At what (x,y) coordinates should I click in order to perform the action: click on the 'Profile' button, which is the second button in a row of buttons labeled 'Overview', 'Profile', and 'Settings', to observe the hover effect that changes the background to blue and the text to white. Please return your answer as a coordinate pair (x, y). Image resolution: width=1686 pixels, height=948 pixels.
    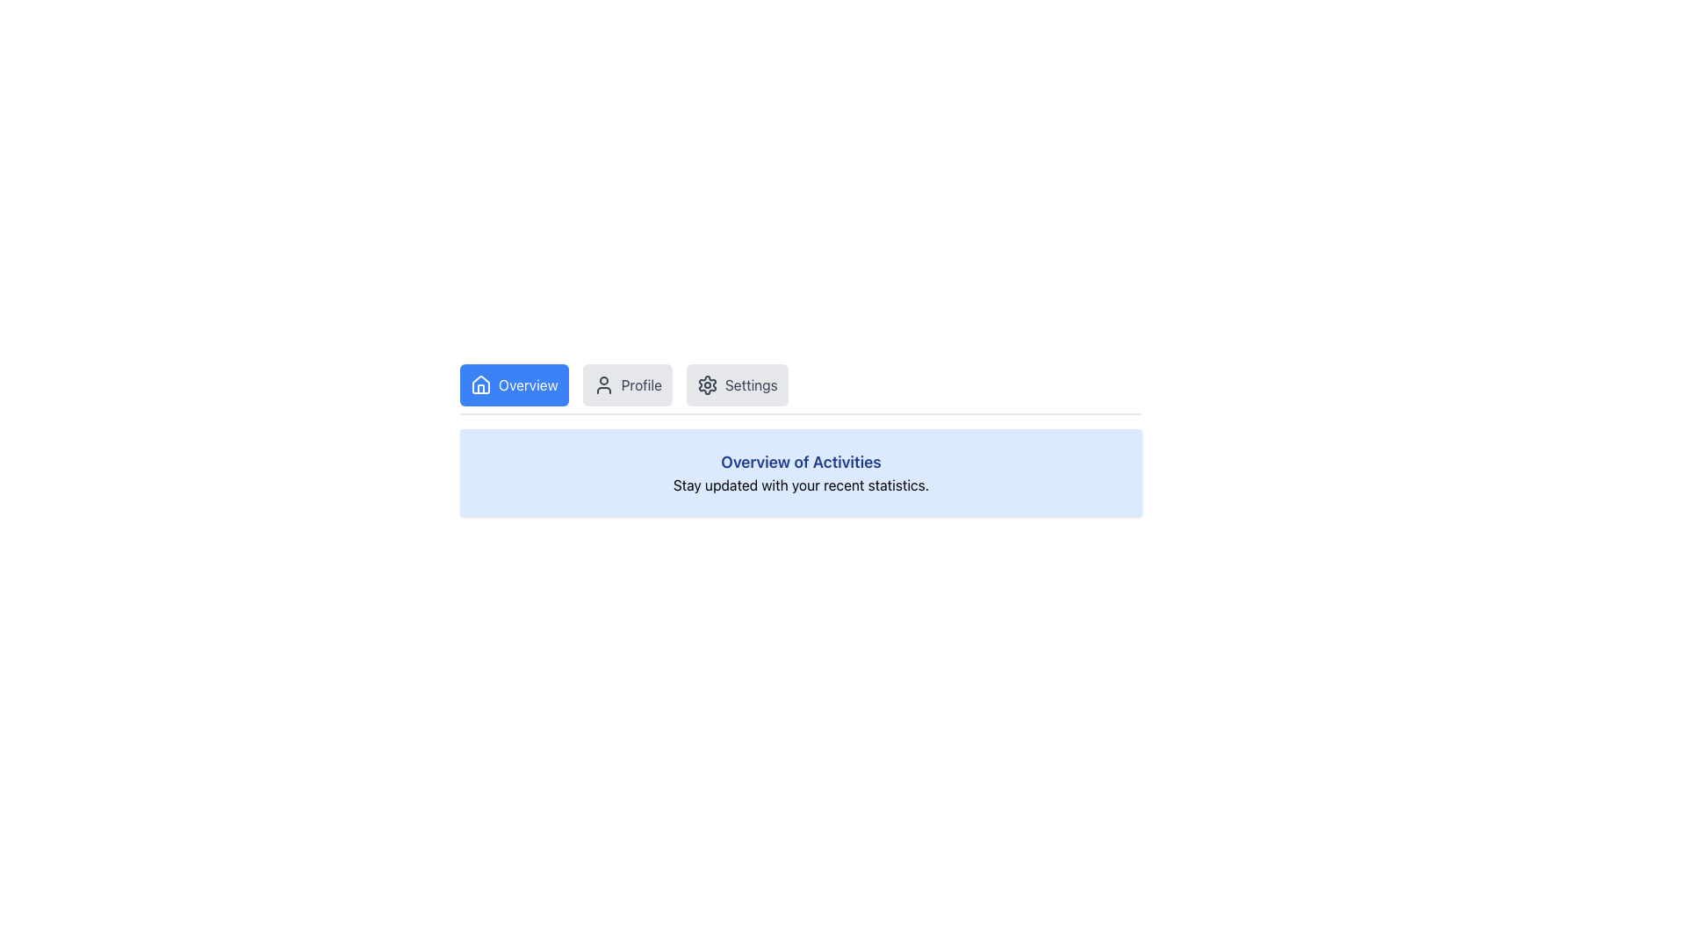
    Looking at the image, I should click on (627, 384).